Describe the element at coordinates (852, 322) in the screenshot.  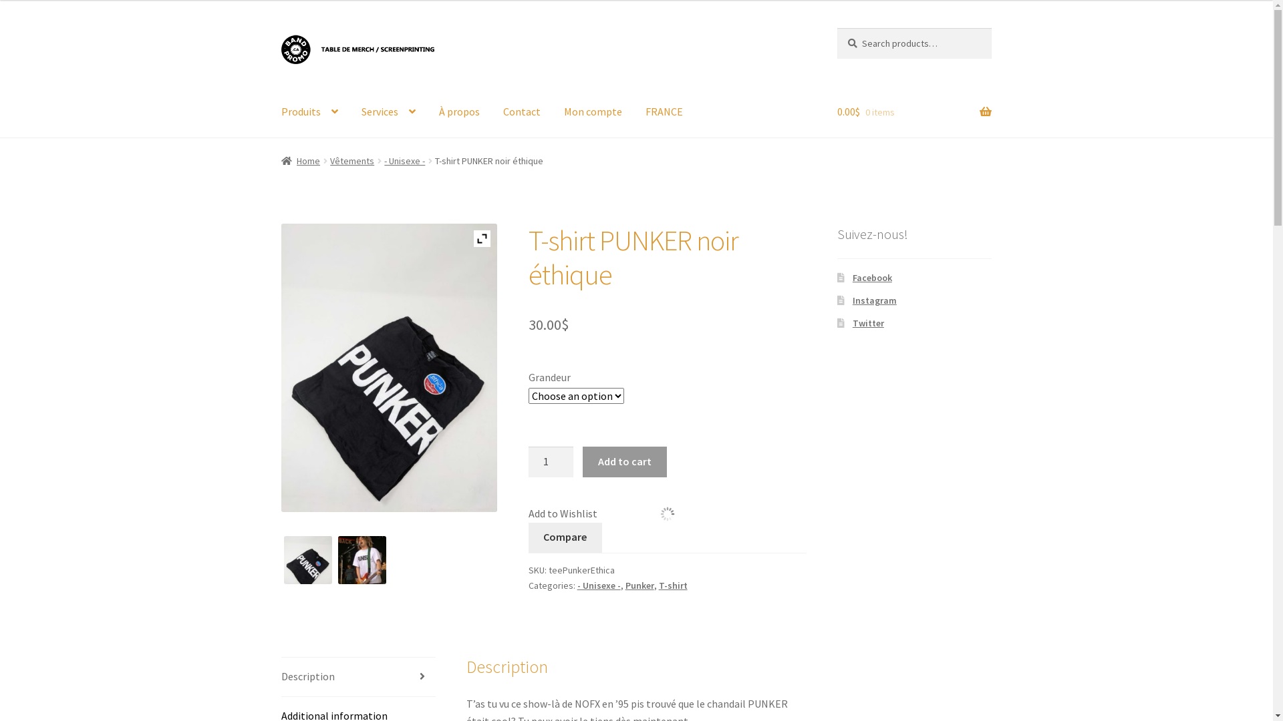
I see `'Twitter'` at that location.